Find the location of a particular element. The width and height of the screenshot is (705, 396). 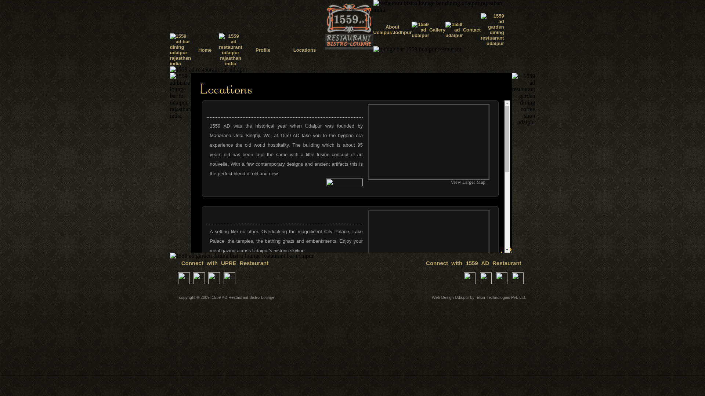

'Web Design Udaipur' is located at coordinates (450, 297).